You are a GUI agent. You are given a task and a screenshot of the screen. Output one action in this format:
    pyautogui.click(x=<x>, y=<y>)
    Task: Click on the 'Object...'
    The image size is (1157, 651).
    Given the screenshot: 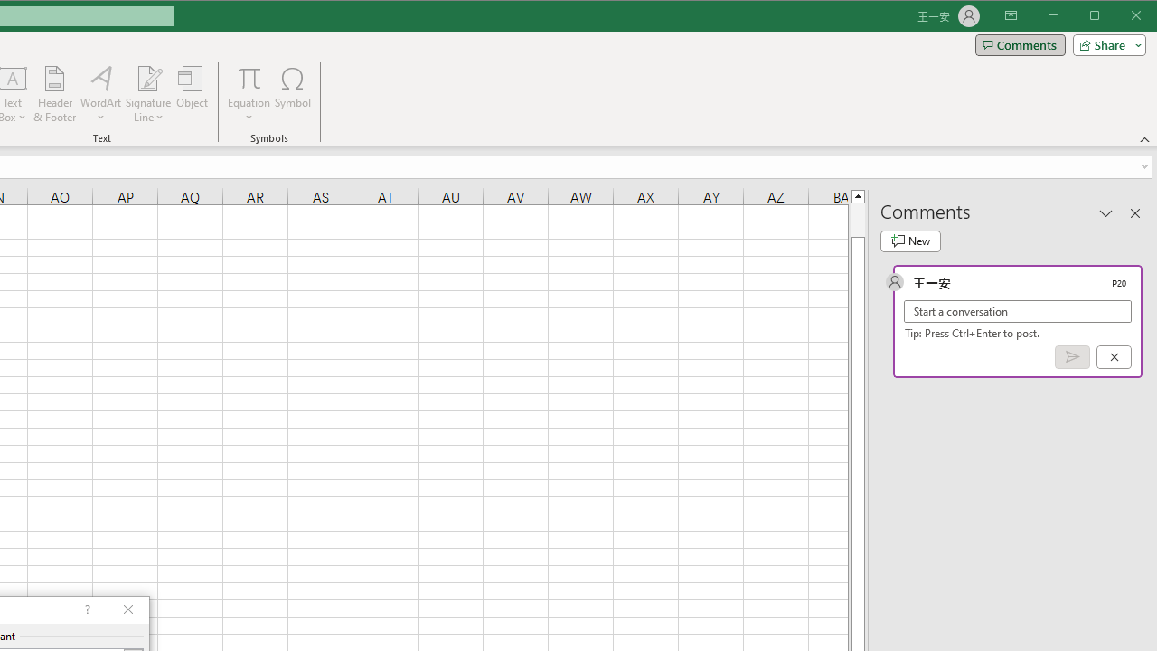 What is the action you would take?
    pyautogui.click(x=193, y=94)
    